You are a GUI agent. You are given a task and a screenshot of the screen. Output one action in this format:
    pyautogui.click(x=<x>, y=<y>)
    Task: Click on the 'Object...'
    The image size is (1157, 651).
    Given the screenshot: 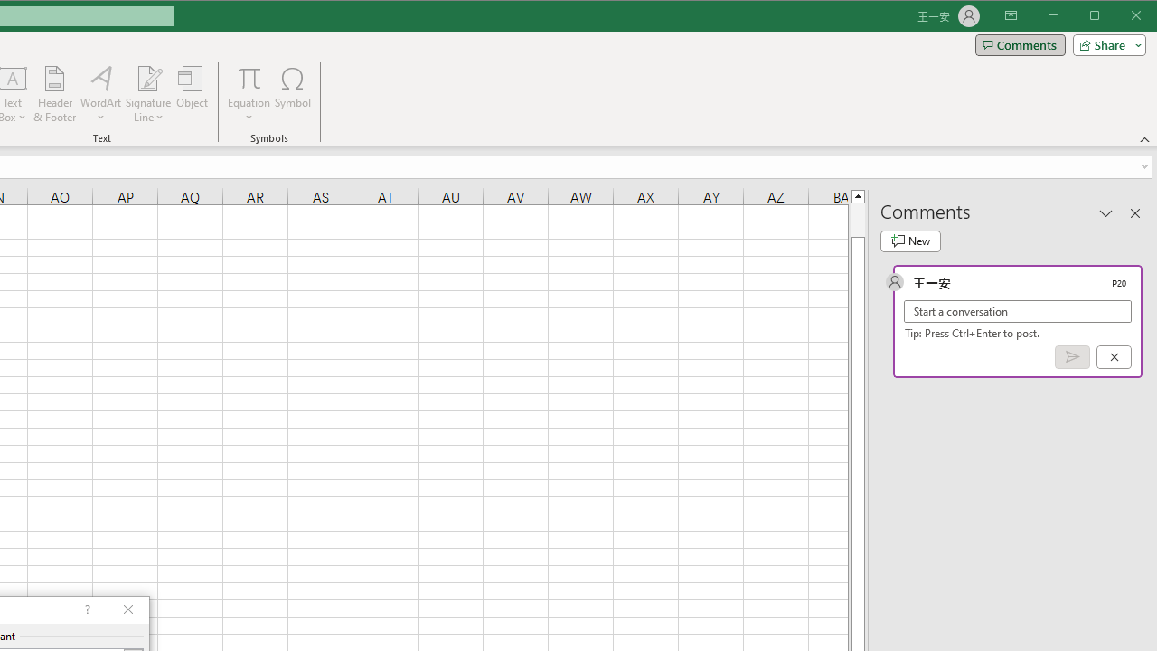 What is the action you would take?
    pyautogui.click(x=193, y=94)
    